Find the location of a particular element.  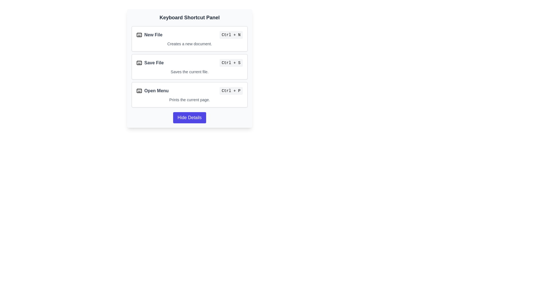

the 'Open Menu' icon located next to the text 'Open Menu' in the 'Keyboard Shortcut Panel' is located at coordinates (139, 90).